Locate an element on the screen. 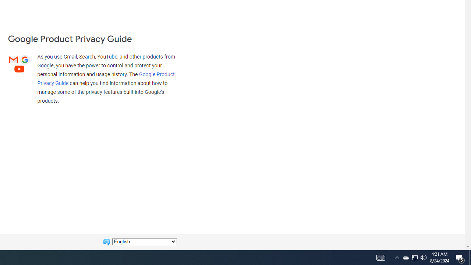 Image resolution: width=471 pixels, height=265 pixels. 'Change language:' is located at coordinates (144, 241).